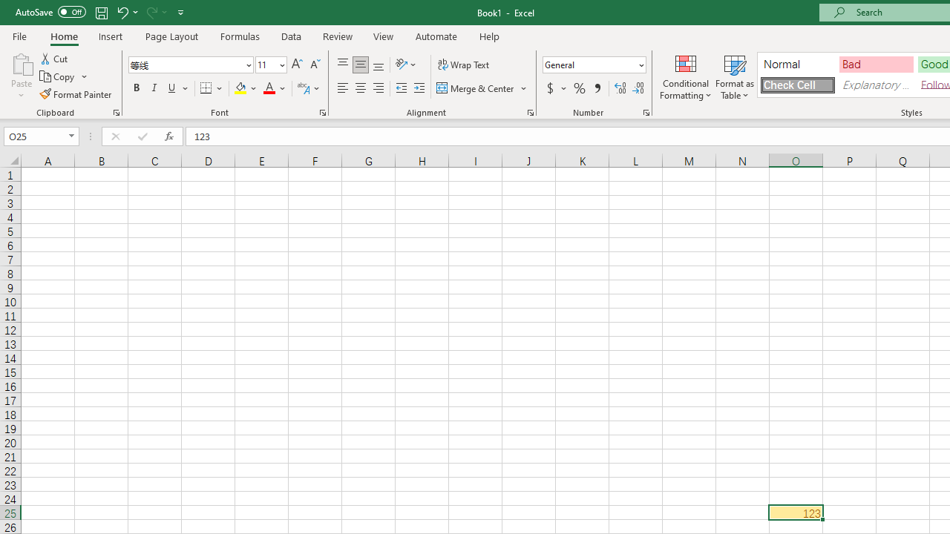  What do you see at coordinates (384, 36) in the screenshot?
I see `'View'` at bounding box center [384, 36].